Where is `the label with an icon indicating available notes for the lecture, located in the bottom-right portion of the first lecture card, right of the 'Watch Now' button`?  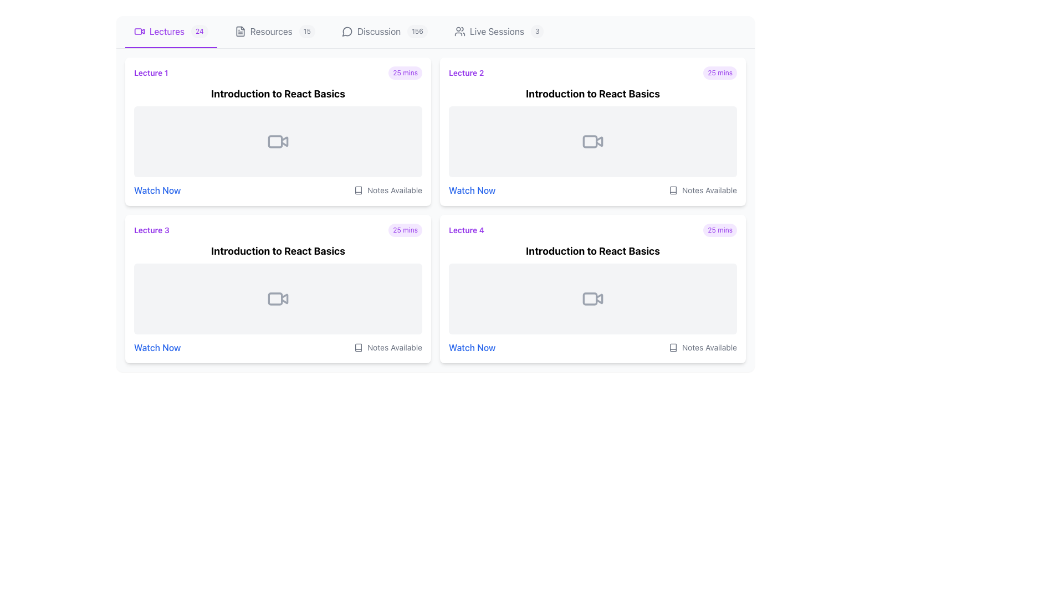
the label with an icon indicating available notes for the lecture, located in the bottom-right portion of the first lecture card, right of the 'Watch Now' button is located at coordinates (388, 189).